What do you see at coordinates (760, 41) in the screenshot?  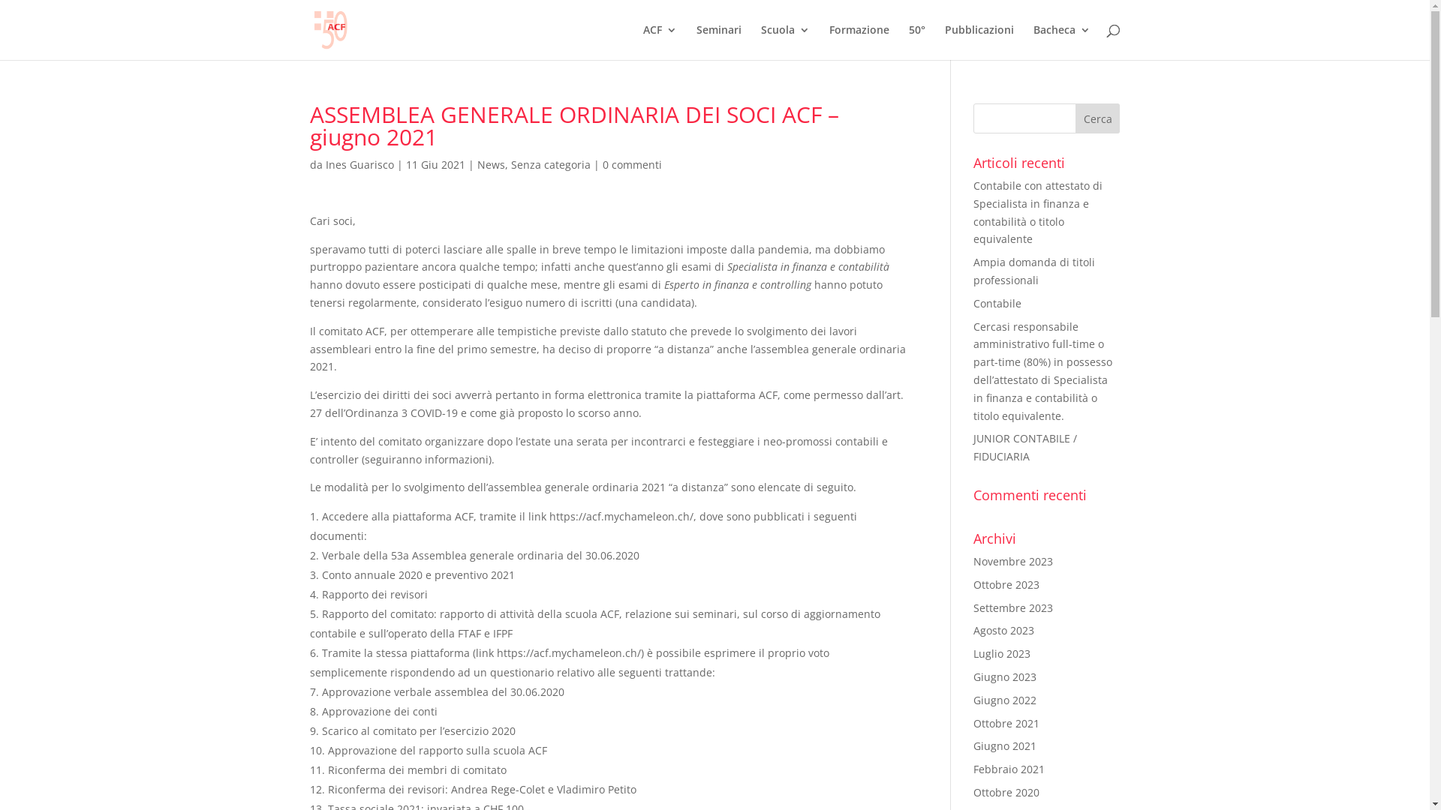 I see `'Scuola'` at bounding box center [760, 41].